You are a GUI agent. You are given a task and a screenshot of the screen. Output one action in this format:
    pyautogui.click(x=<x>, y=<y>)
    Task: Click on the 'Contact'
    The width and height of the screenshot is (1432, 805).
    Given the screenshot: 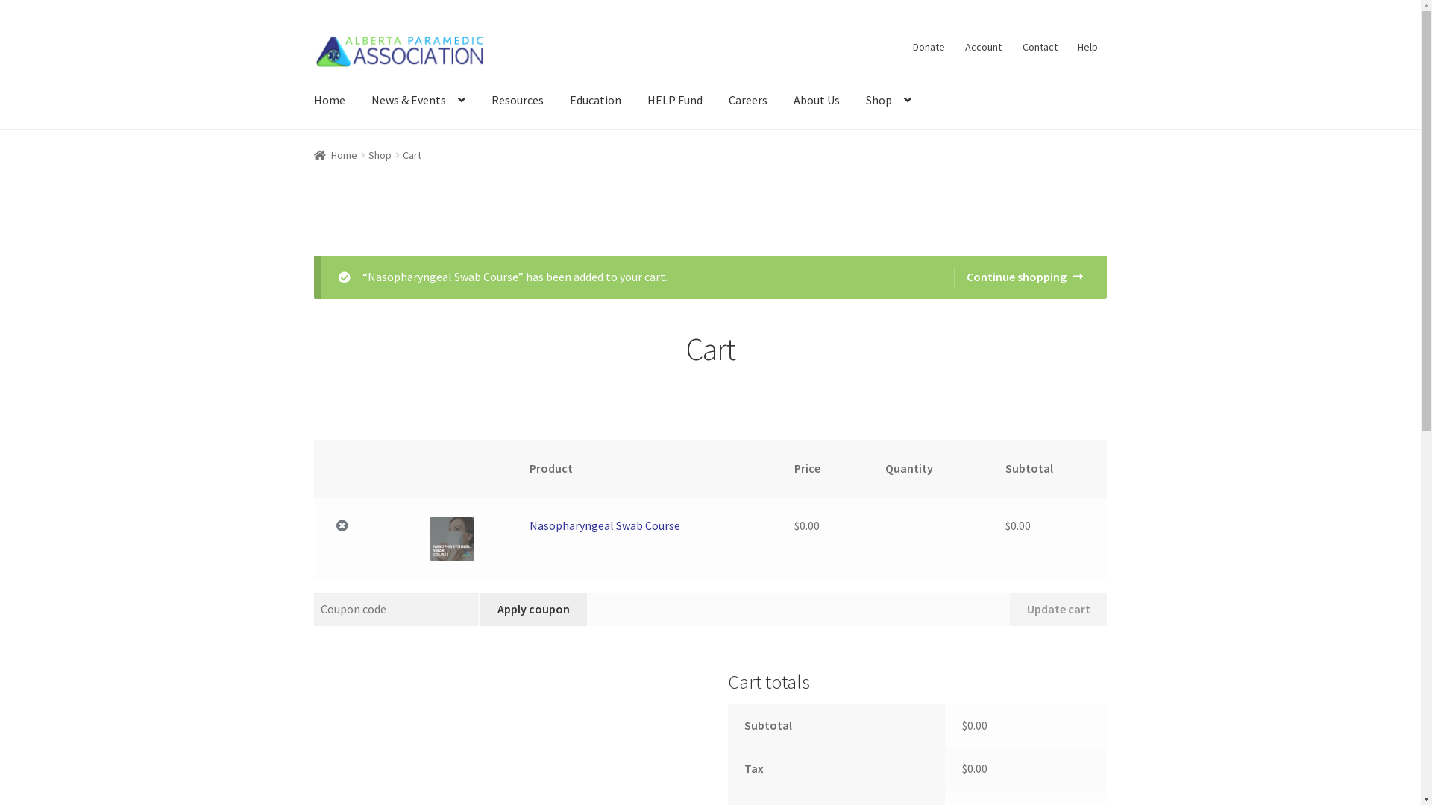 What is the action you would take?
    pyautogui.click(x=1038, y=45)
    